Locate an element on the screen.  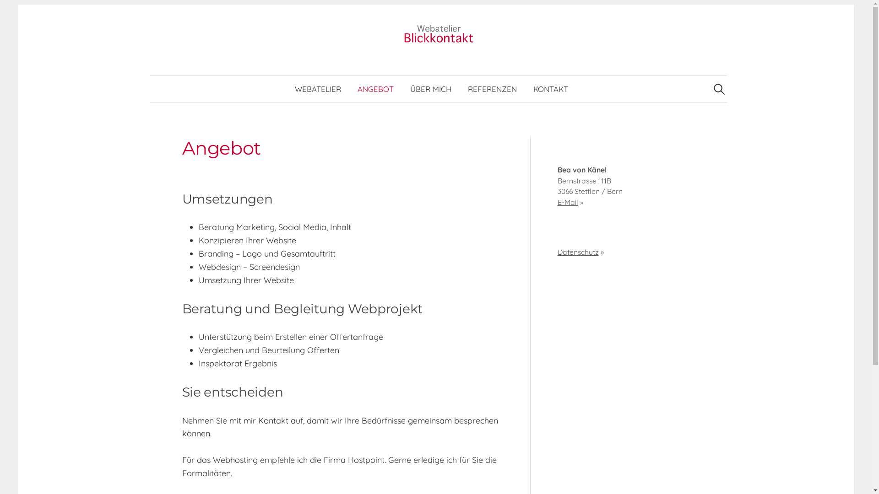
'Springe zum Inhalt' is located at coordinates (32, 4).